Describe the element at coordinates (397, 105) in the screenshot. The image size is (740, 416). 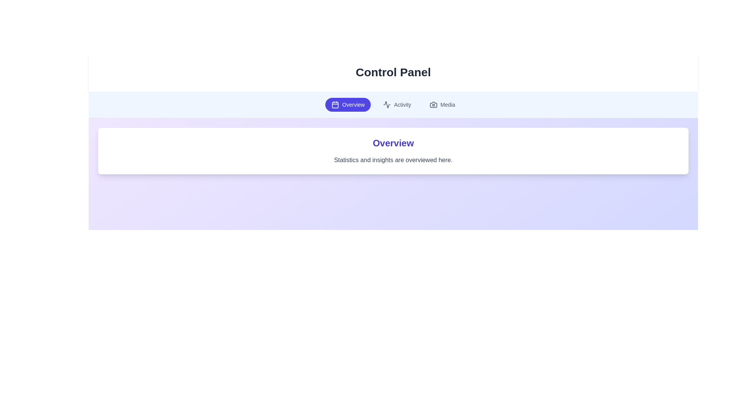
I see `the navigation button that directs users to the 'Activity' section, located between 'Overview' and 'Media' buttons, to change its background color` at that location.